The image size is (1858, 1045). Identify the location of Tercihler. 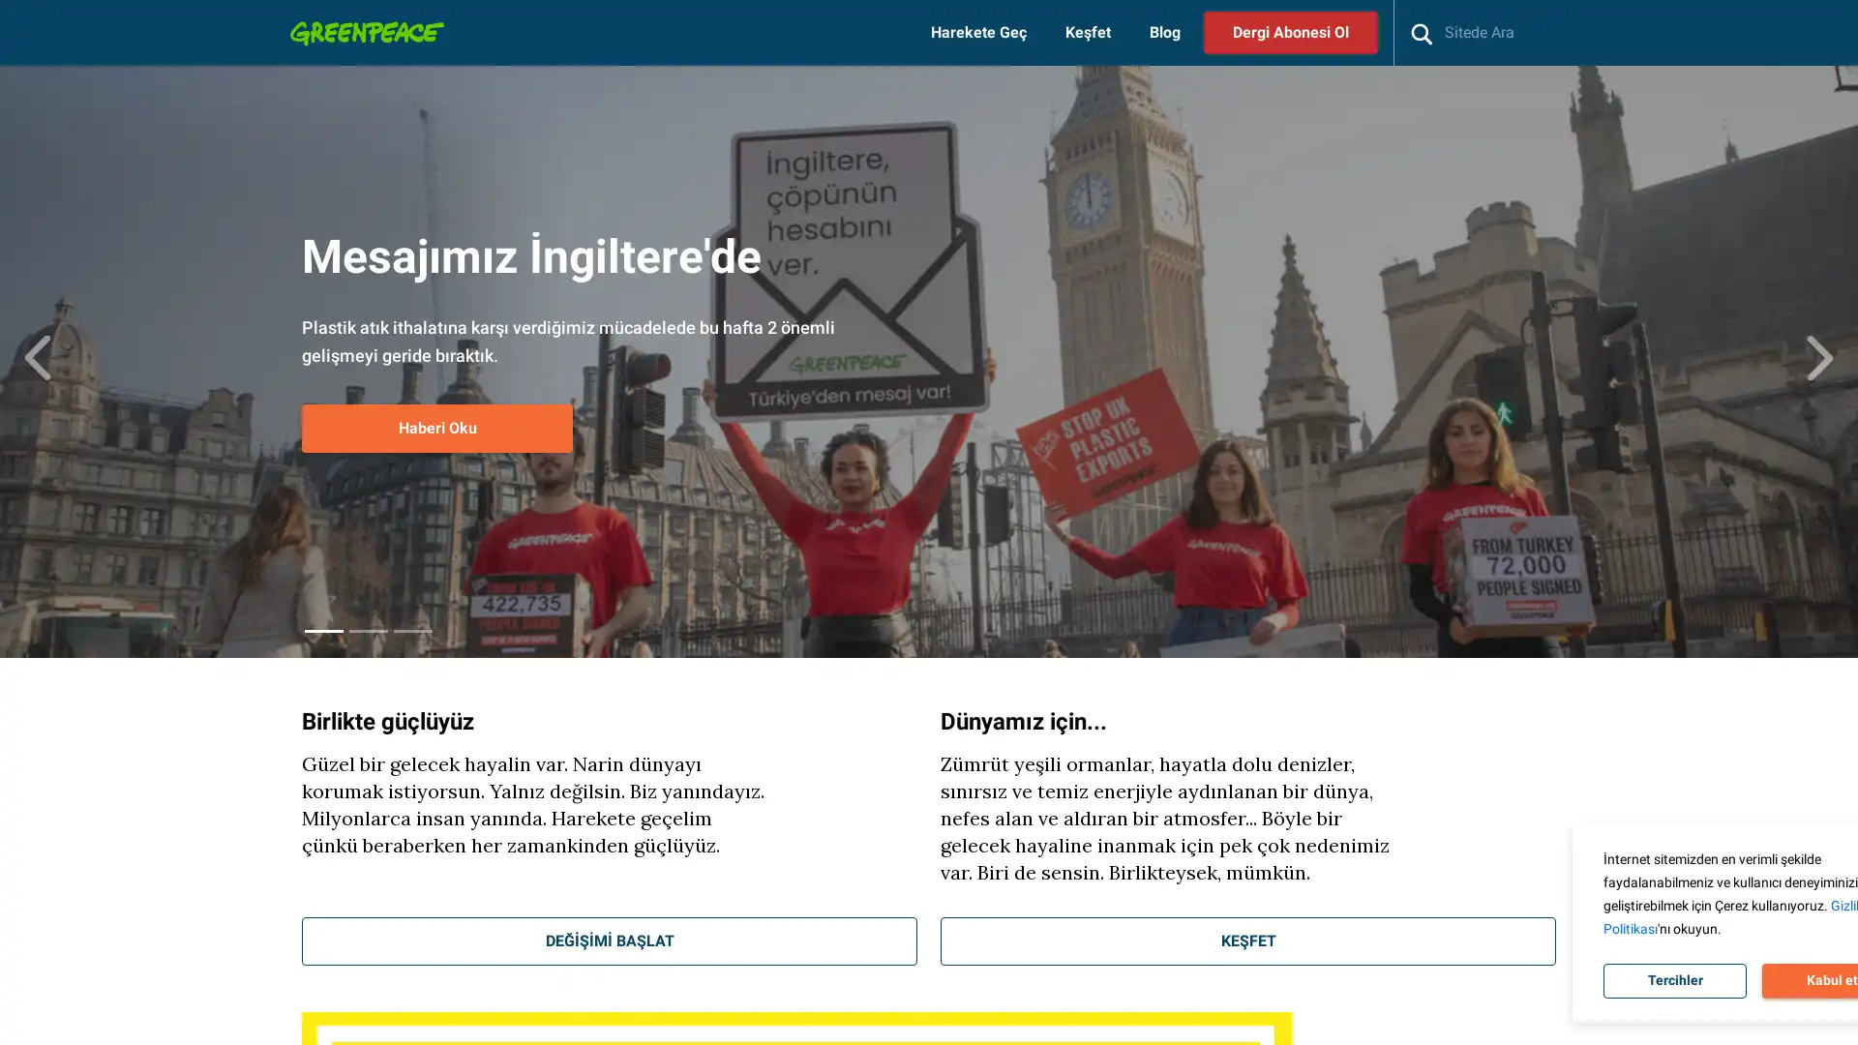
(1577, 981).